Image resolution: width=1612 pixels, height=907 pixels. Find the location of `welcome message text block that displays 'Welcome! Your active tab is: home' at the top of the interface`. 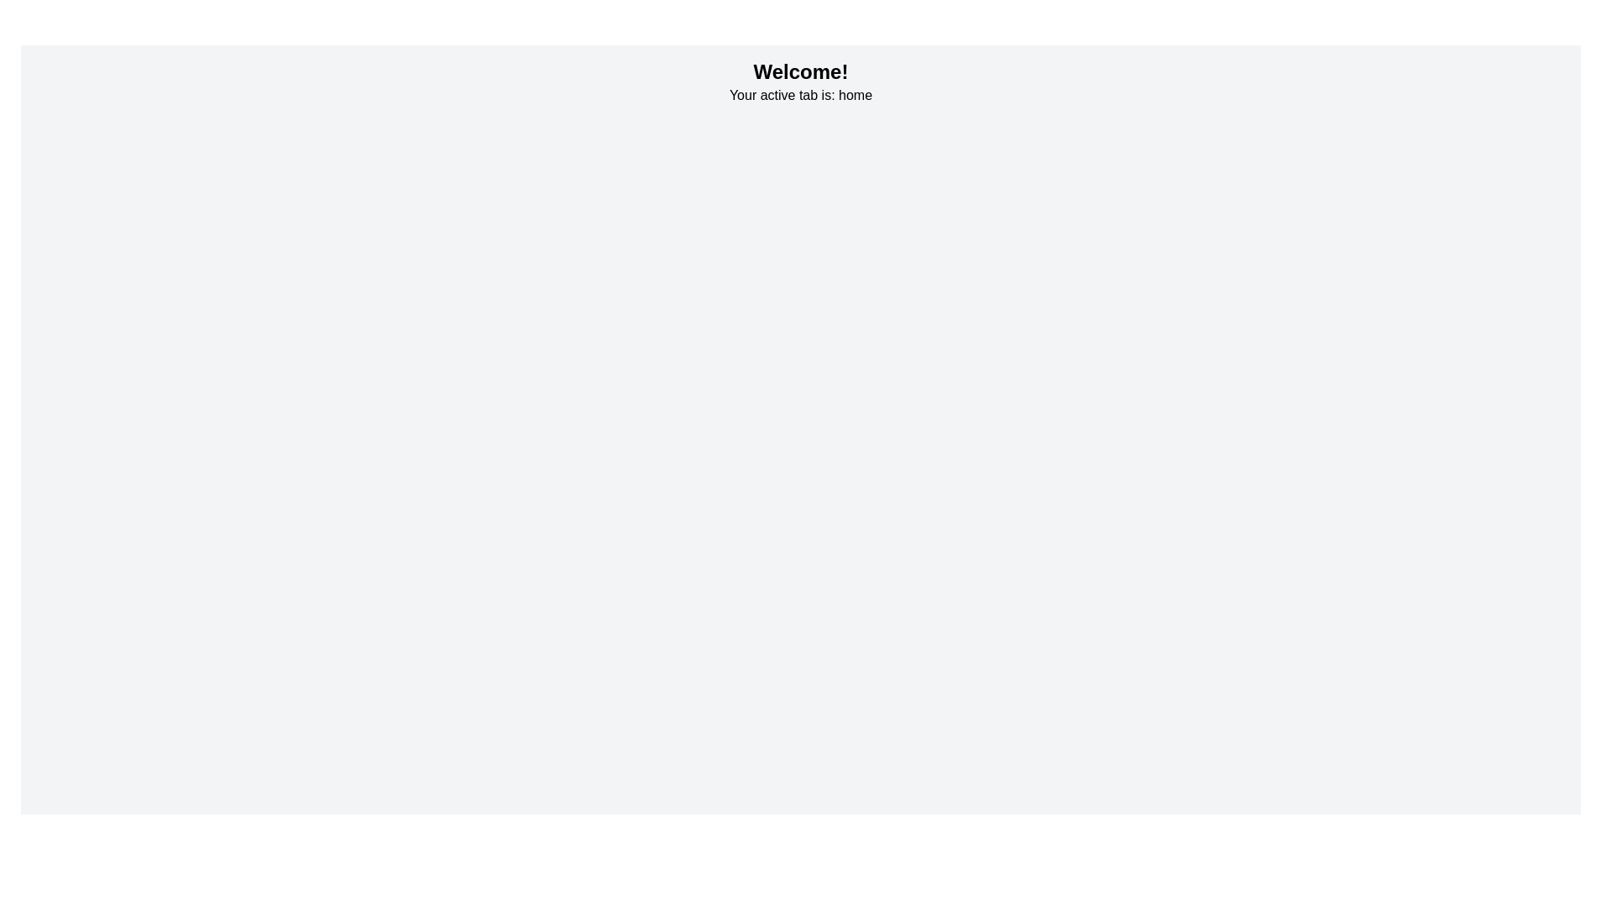

welcome message text block that displays 'Welcome! Your active tab is: home' at the top of the interface is located at coordinates (800, 81).